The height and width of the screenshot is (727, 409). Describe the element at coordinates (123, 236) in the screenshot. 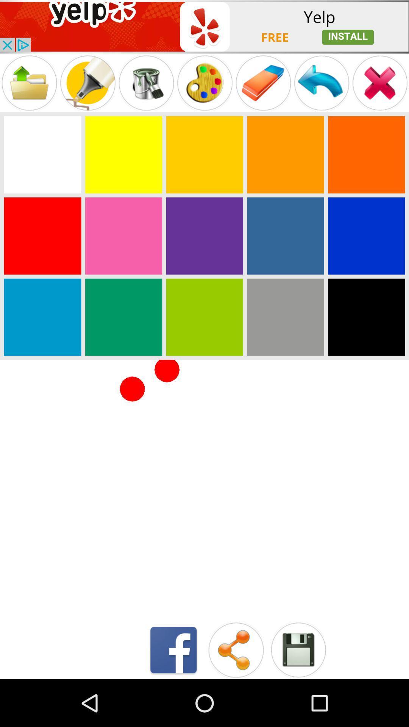

I see `color` at that location.